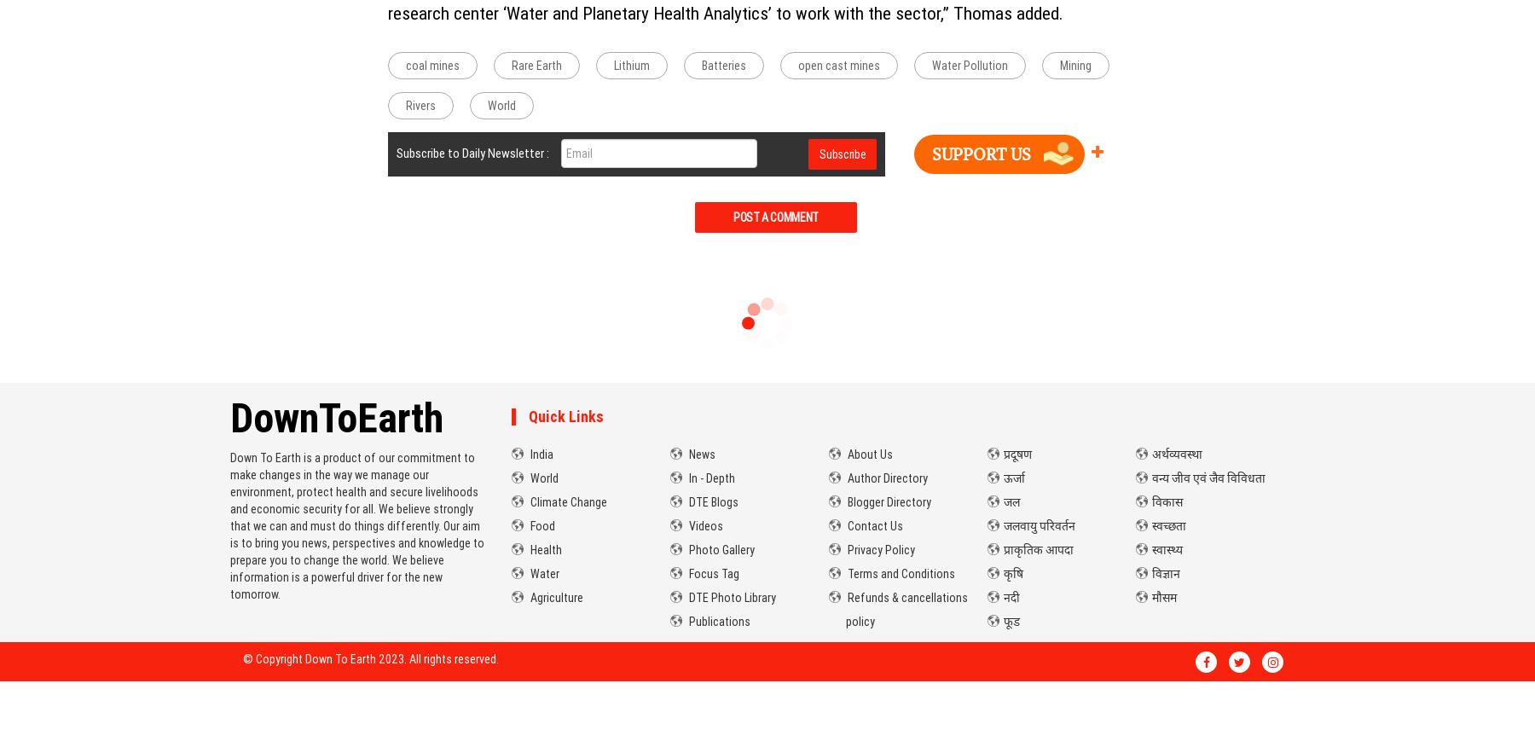 This screenshot has width=1535, height=747. What do you see at coordinates (731, 596) in the screenshot?
I see `'DTE Photo Library'` at bounding box center [731, 596].